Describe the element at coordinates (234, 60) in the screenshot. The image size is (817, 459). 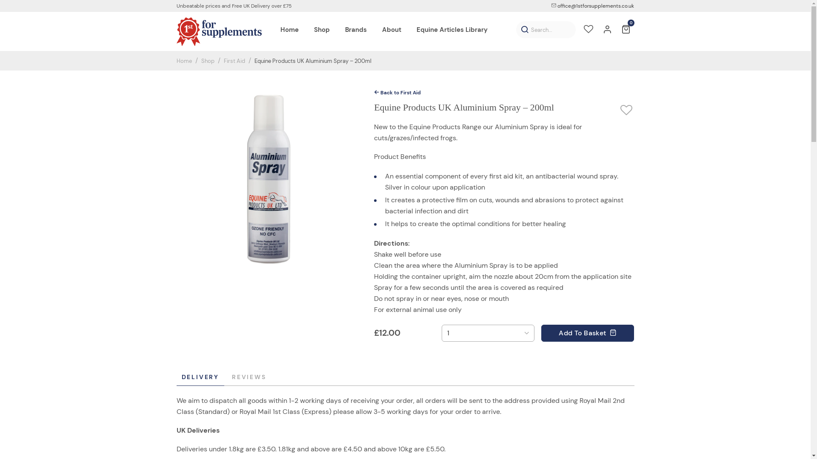
I see `'First Aid'` at that location.